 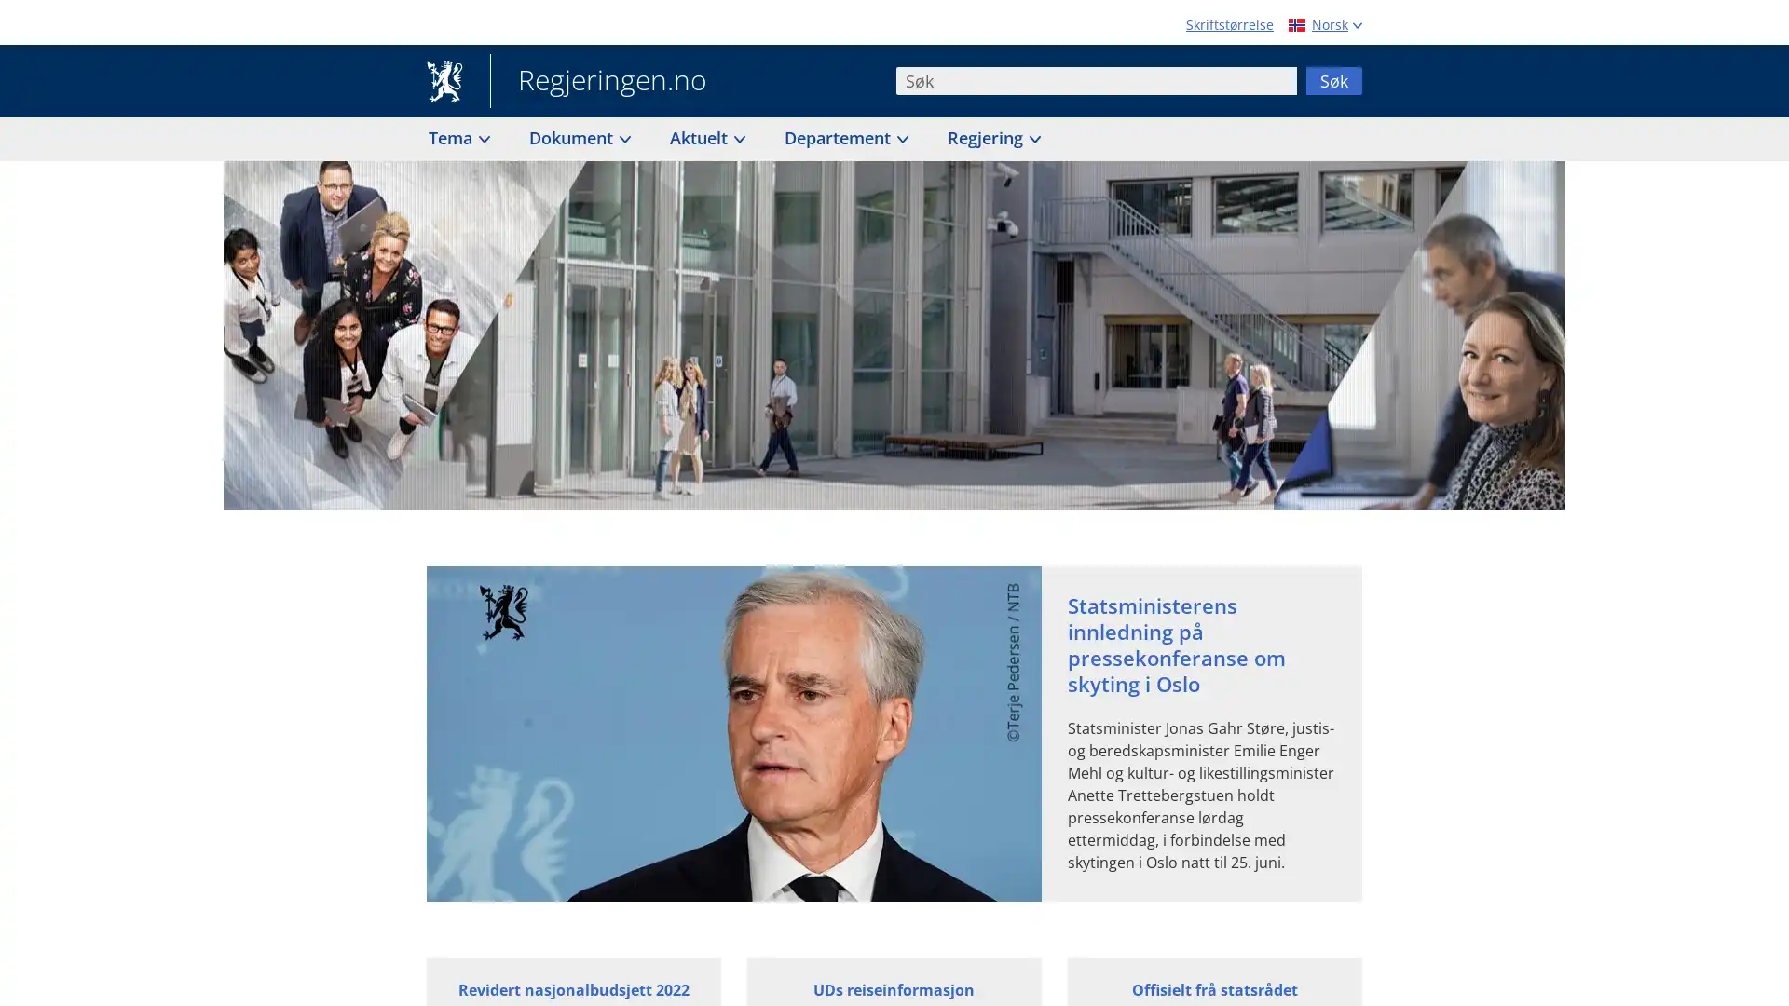 What do you see at coordinates (457, 137) in the screenshot?
I see `Tema` at bounding box center [457, 137].